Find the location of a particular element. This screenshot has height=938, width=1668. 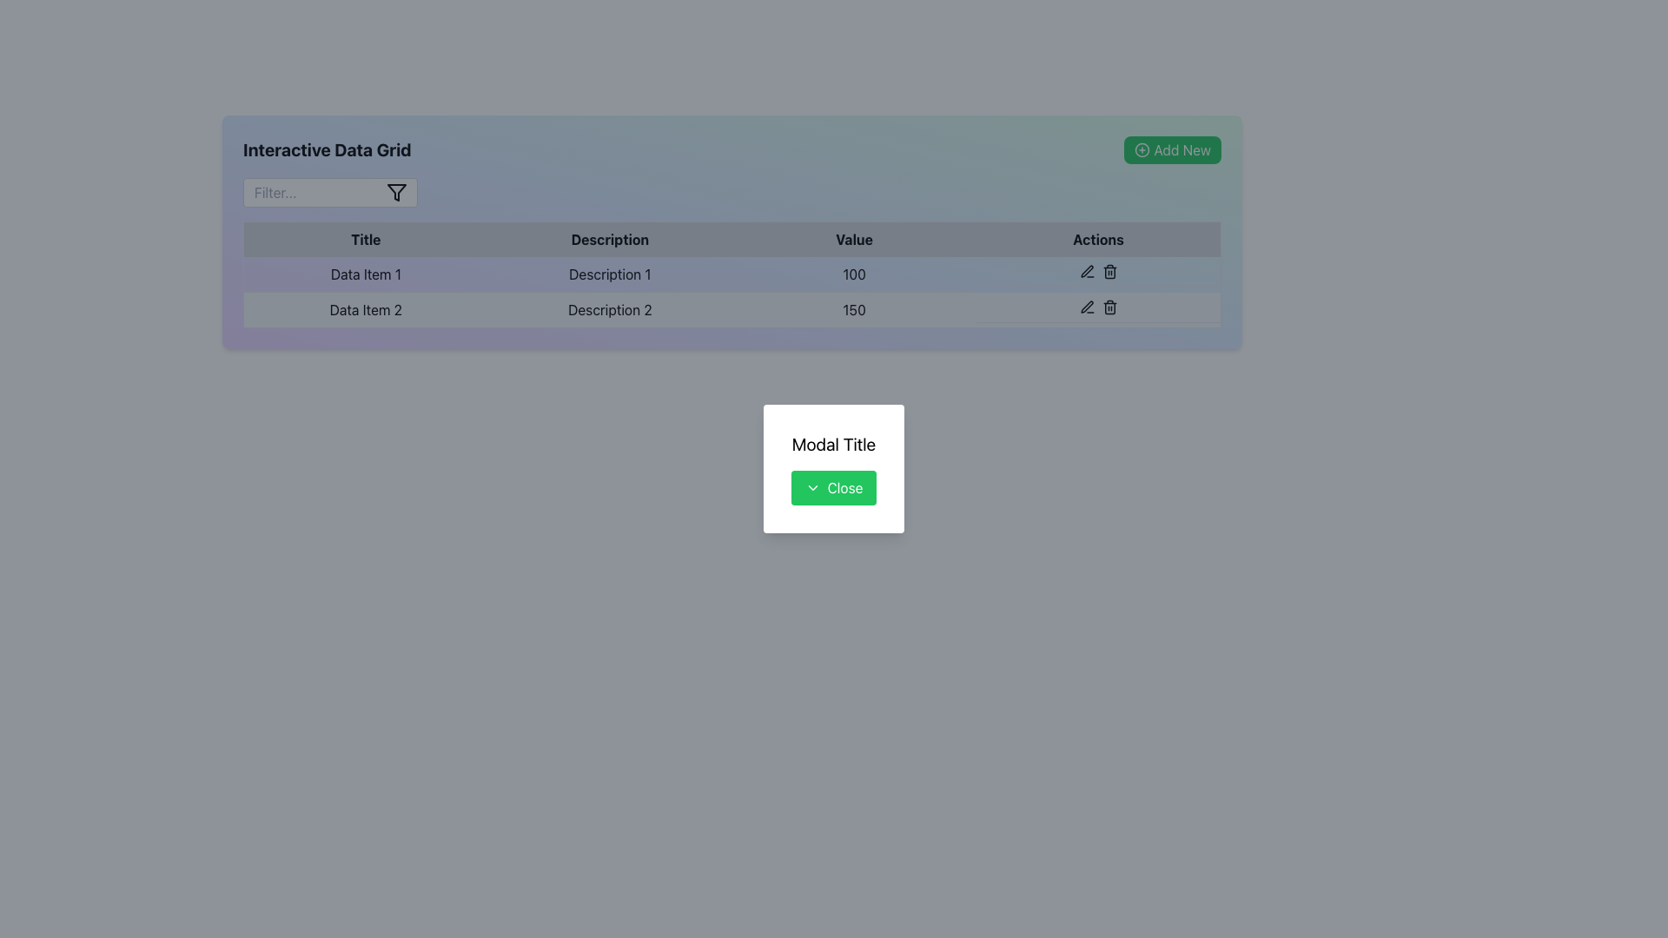

the filter icon located at the right edge of the filter input field to apply or toggle a filter is located at coordinates (395, 193).